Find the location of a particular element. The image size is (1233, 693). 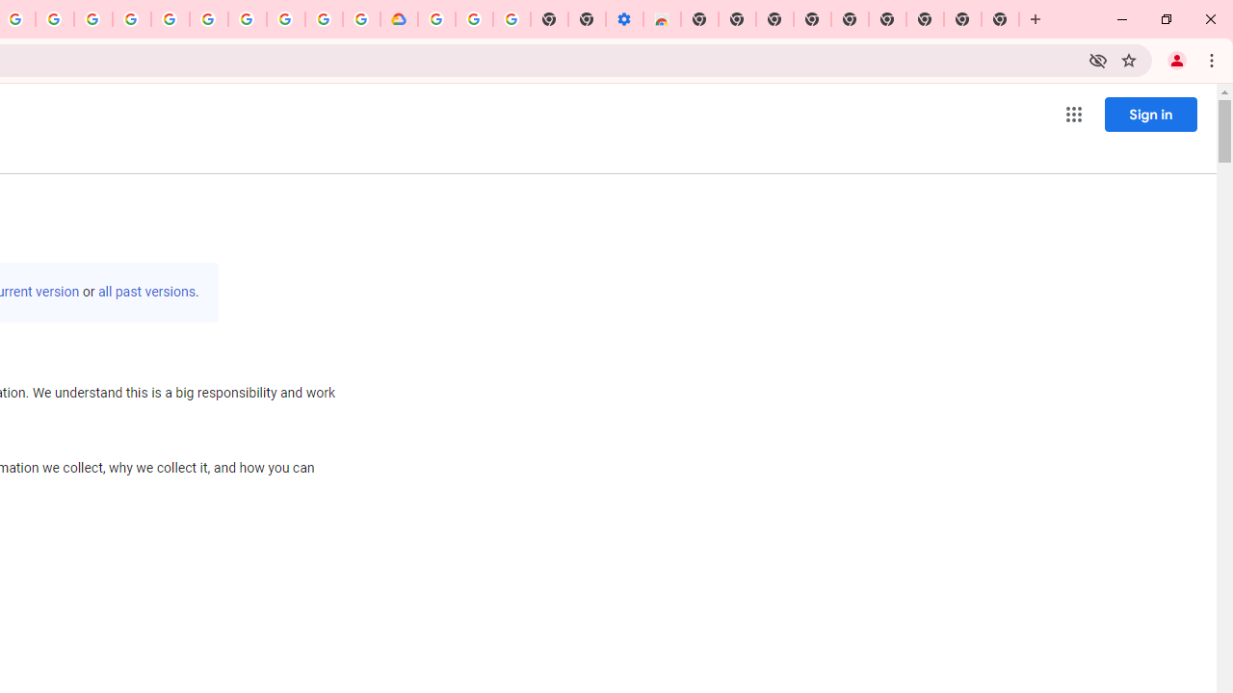

'Settings - Accessibility' is located at coordinates (624, 19).